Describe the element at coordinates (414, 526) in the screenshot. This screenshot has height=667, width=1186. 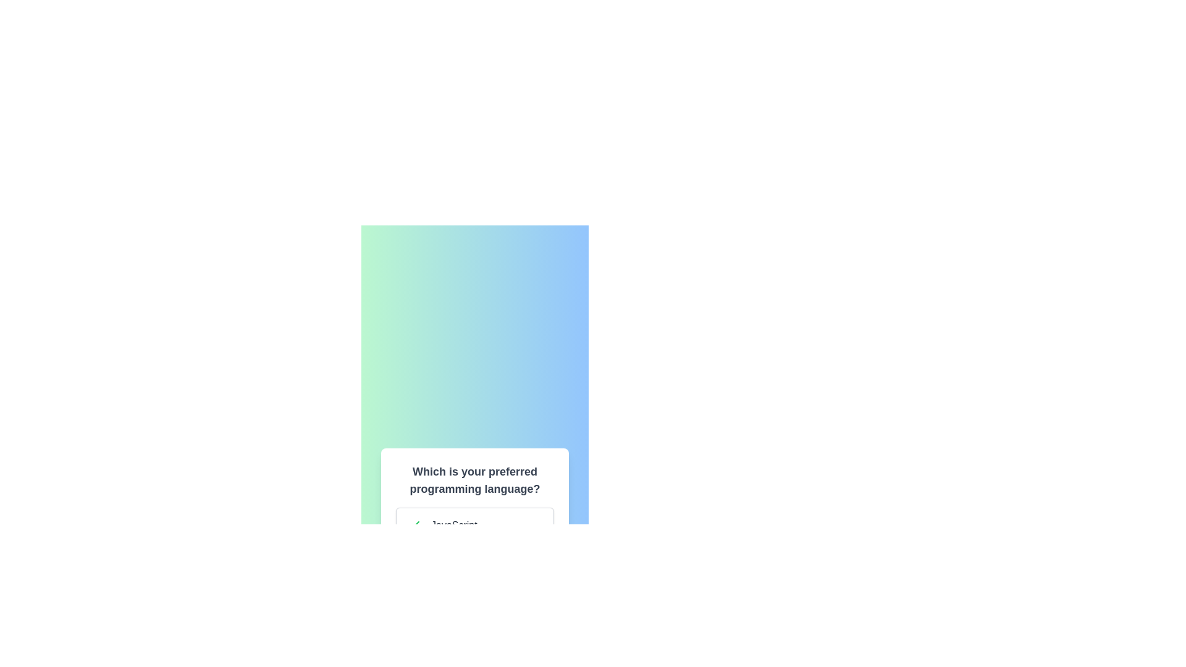
I see `the visual status of the Checkmark icon indicating the selection of 'JavaScript' as the programming language` at that location.